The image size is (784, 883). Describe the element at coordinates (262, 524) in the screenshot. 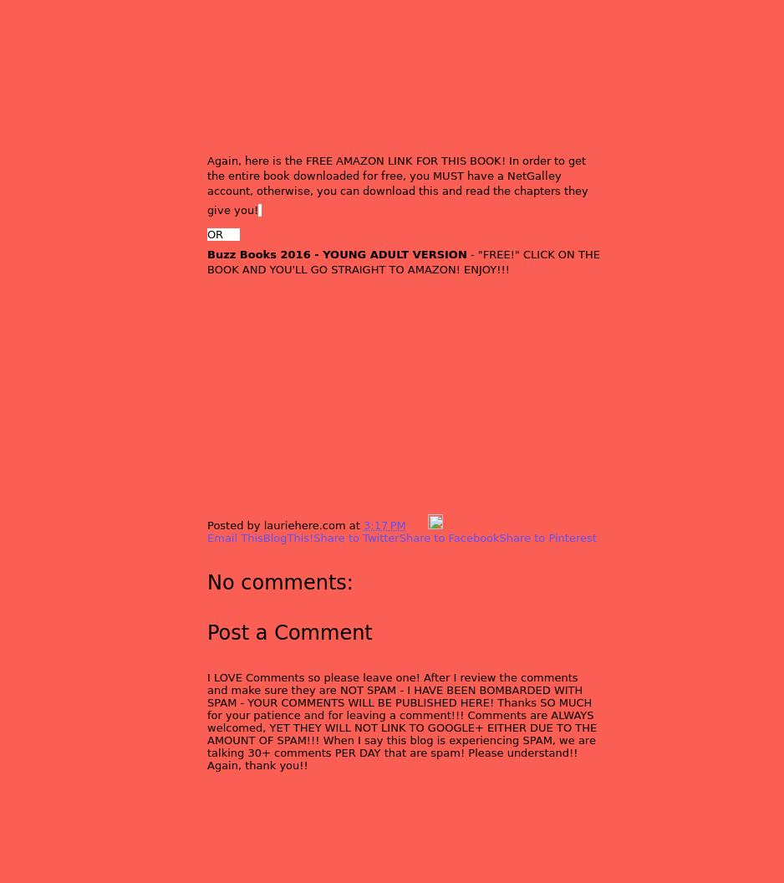

I see `'lauriehere.com'` at that location.